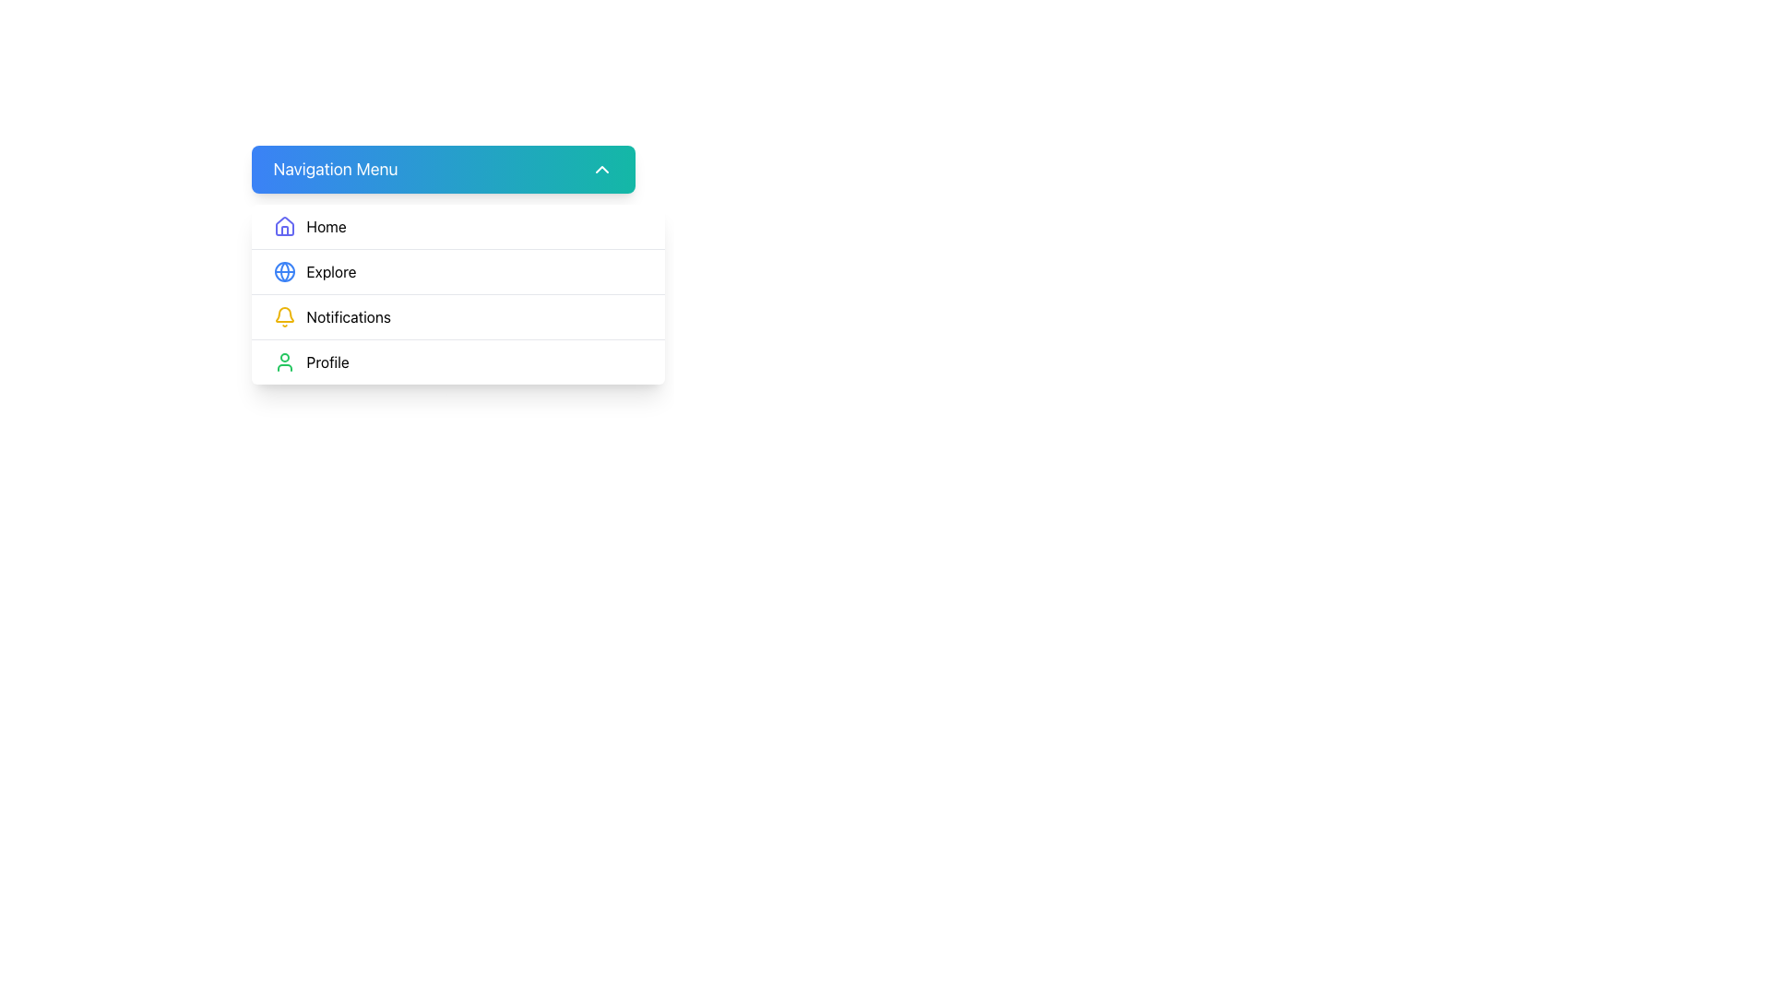 The image size is (1771, 996). What do you see at coordinates (458, 226) in the screenshot?
I see `the 'Home' navigation menu item located at the top of the 'Navigation Menu'` at bounding box center [458, 226].